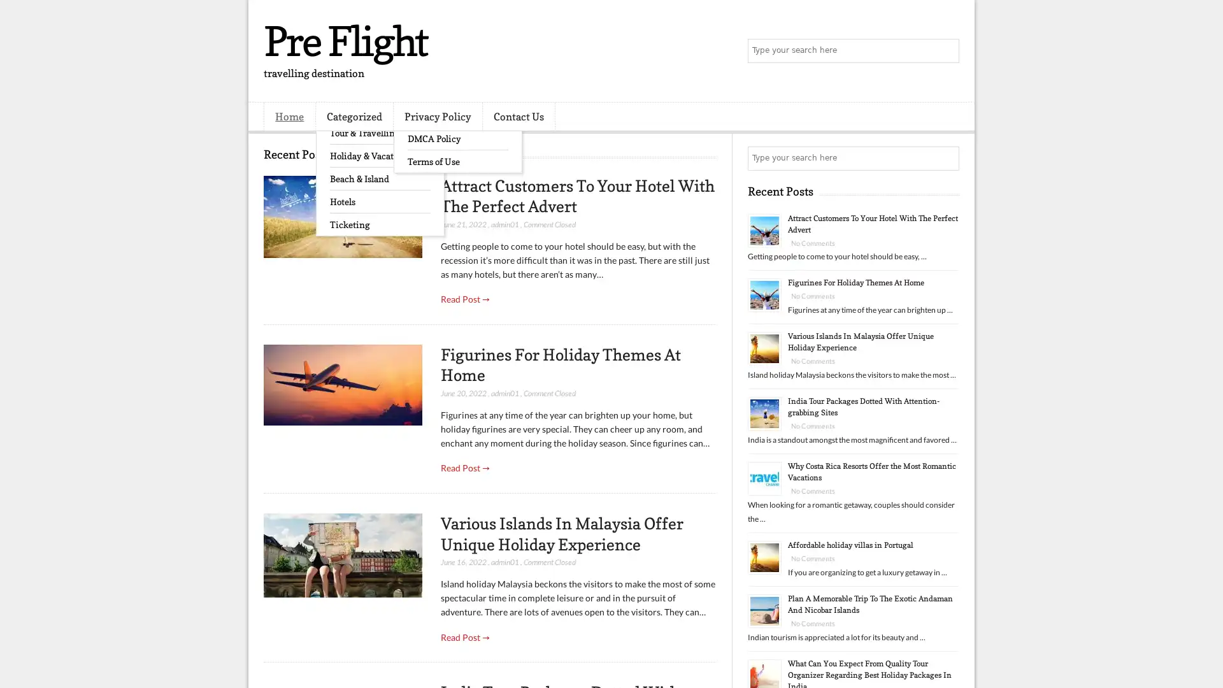 This screenshot has height=688, width=1223. Describe the element at coordinates (946, 158) in the screenshot. I see `Search` at that location.